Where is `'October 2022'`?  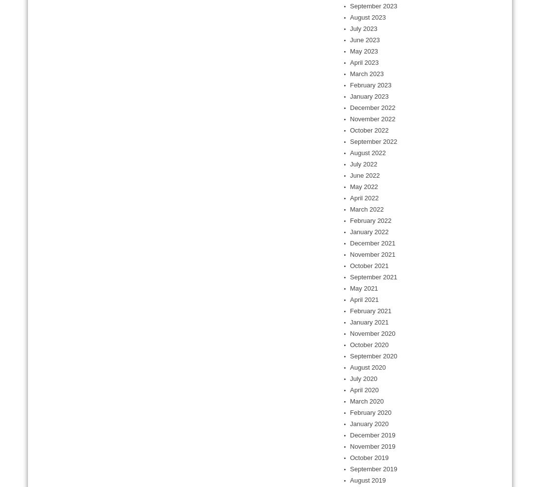
'October 2022' is located at coordinates (368, 130).